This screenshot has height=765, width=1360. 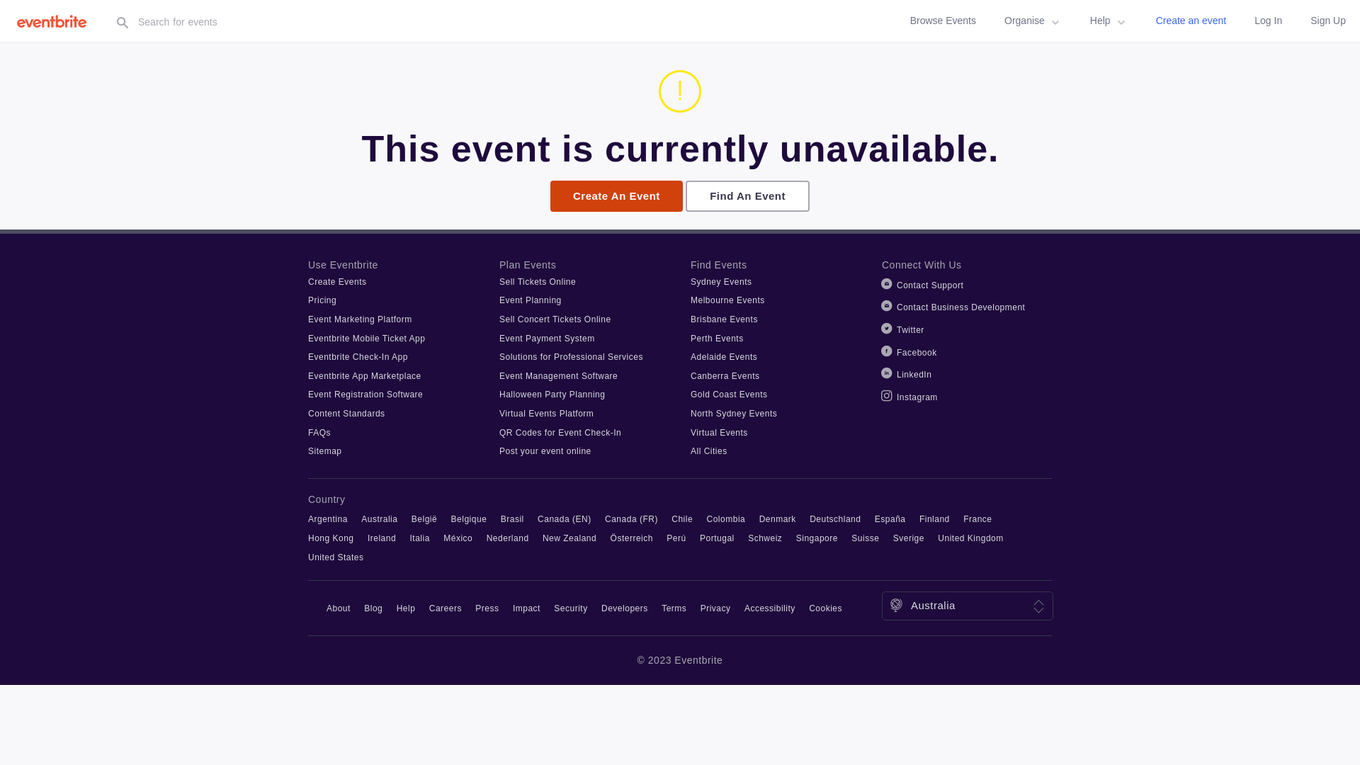 What do you see at coordinates (717, 538) in the screenshot?
I see `'Portugal'` at bounding box center [717, 538].